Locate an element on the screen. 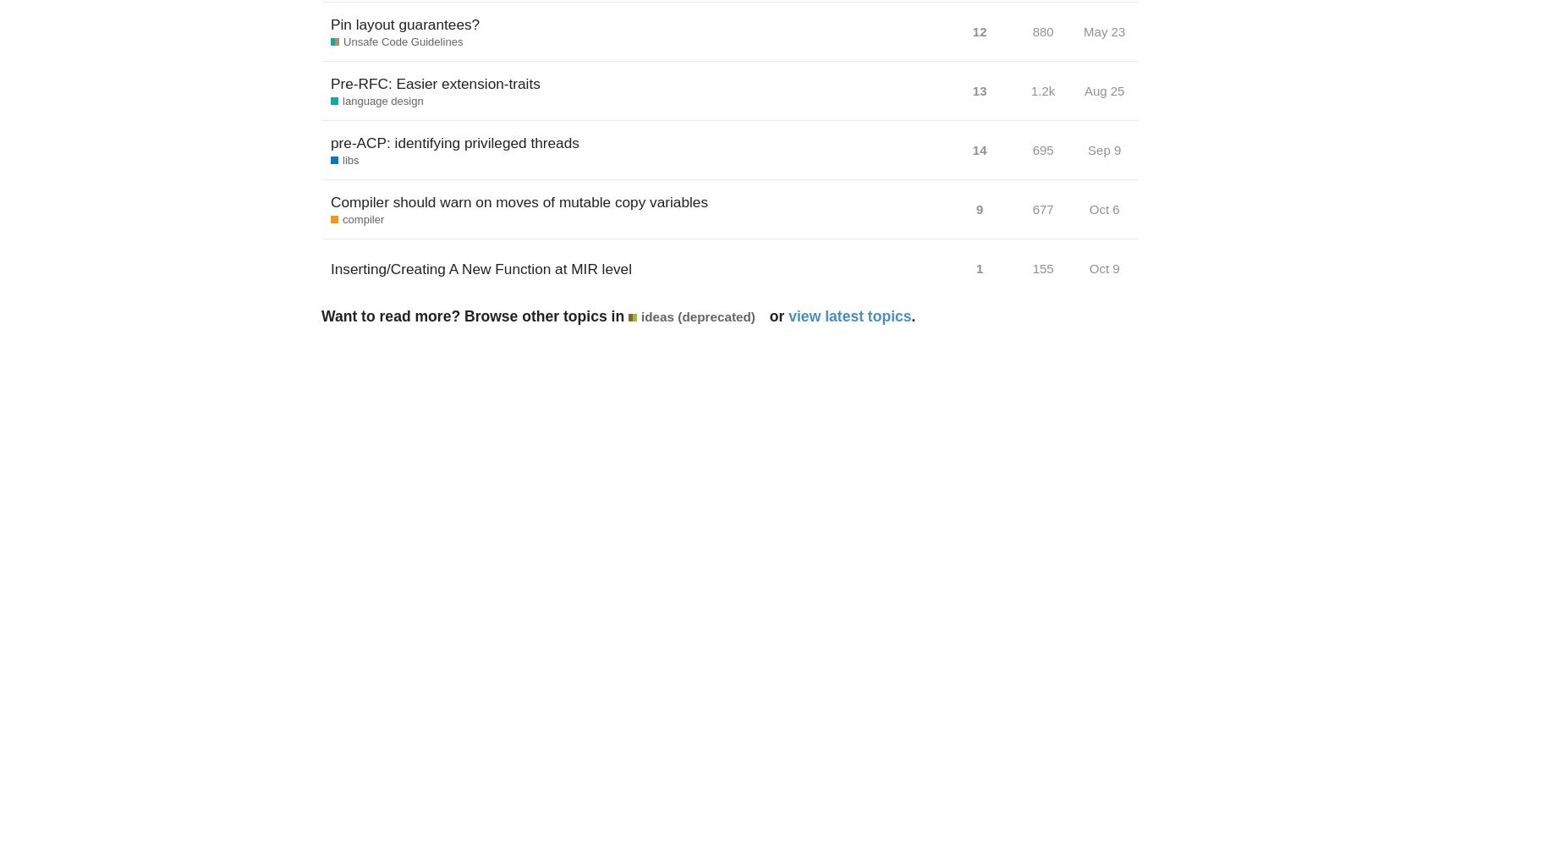  'Compiler should warn on moves of mutable copy variables' is located at coordinates (330, 201).